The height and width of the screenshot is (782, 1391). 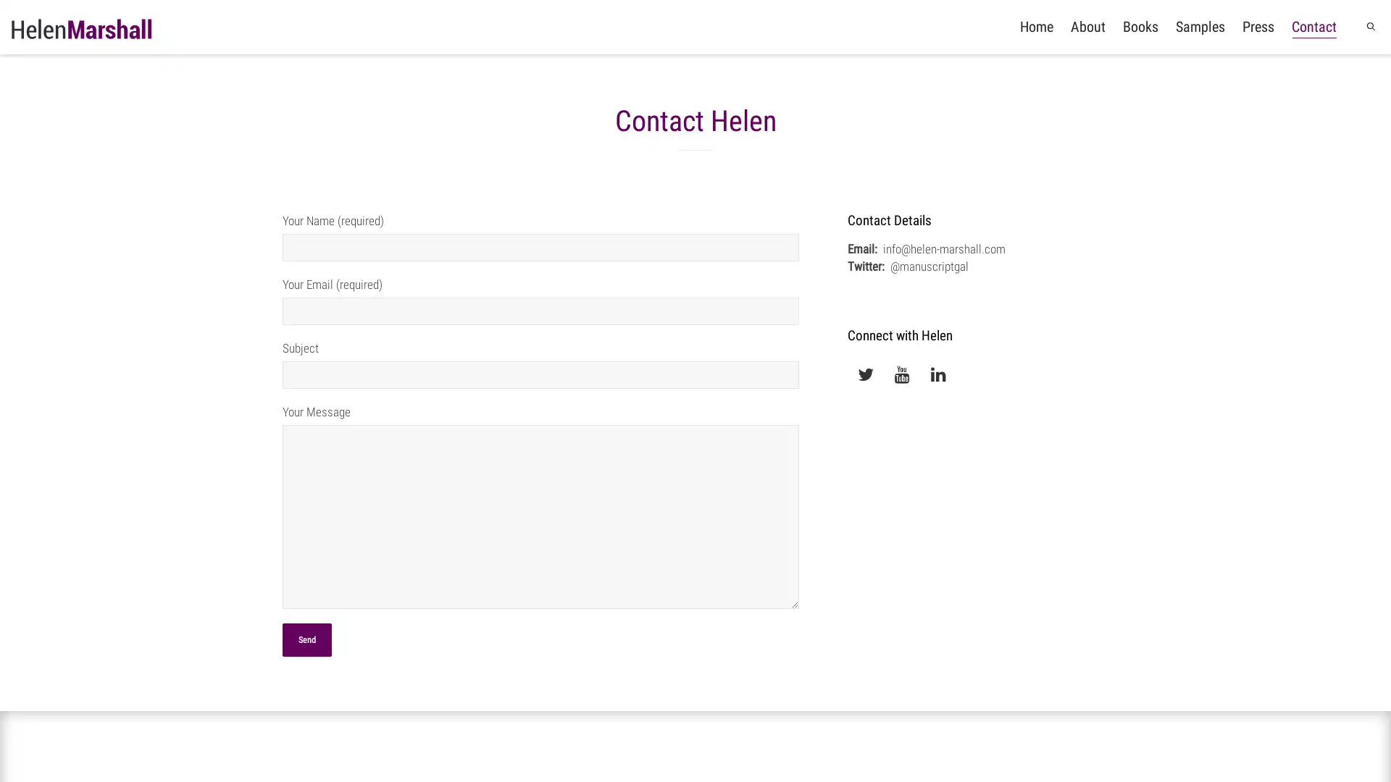 I want to click on Send, so click(x=306, y=639).